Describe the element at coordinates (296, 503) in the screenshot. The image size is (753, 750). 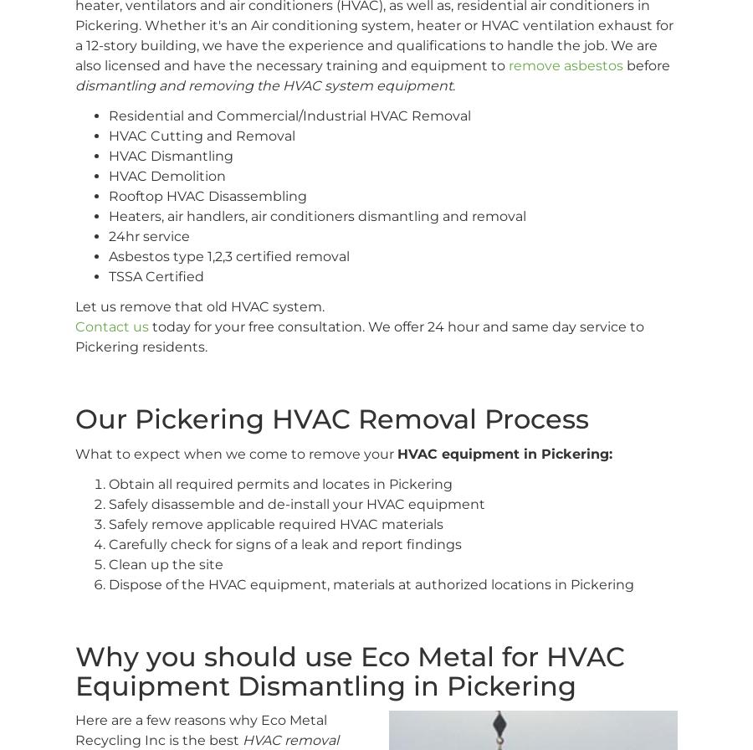
I see `'Safely disassemble and de-install your HVAC equipment'` at that location.